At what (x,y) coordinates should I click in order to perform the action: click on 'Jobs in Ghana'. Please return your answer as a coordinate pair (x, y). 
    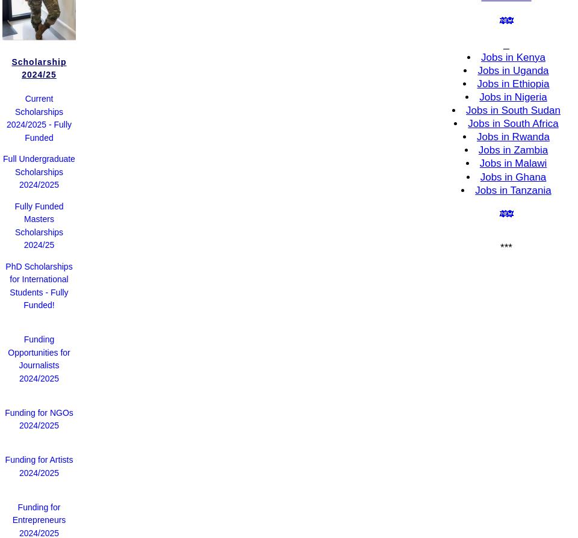
    Looking at the image, I should click on (512, 176).